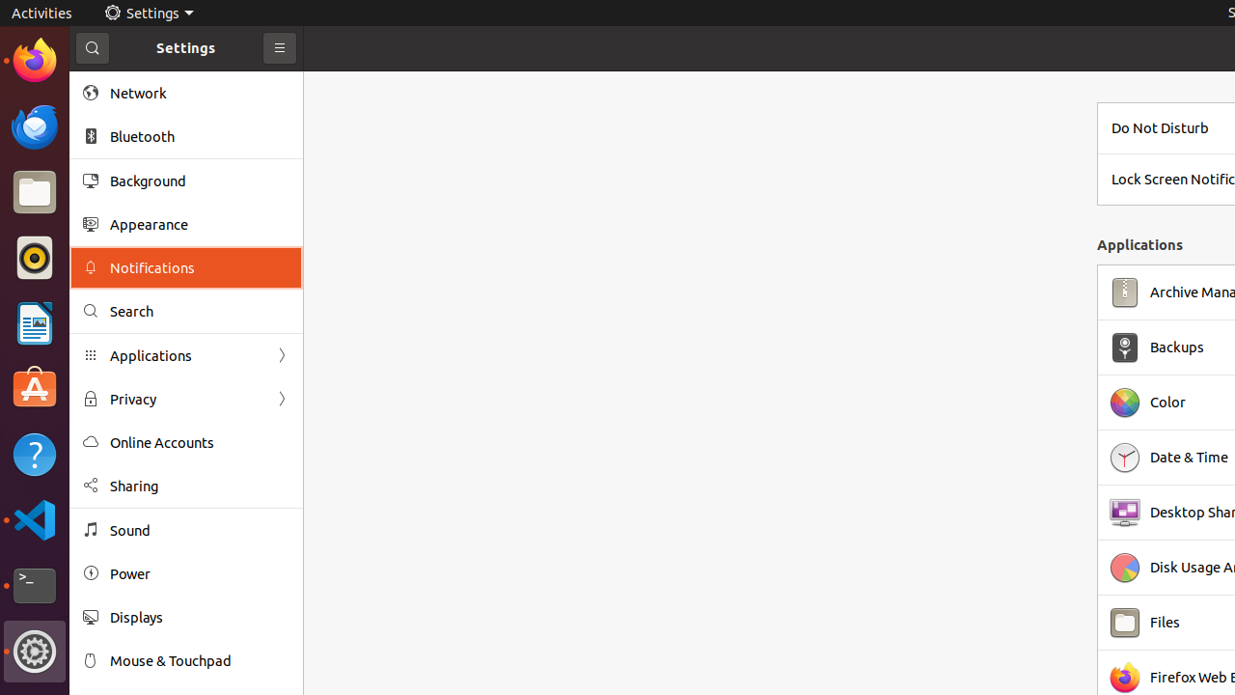  I want to click on 'Sharing', so click(199, 485).